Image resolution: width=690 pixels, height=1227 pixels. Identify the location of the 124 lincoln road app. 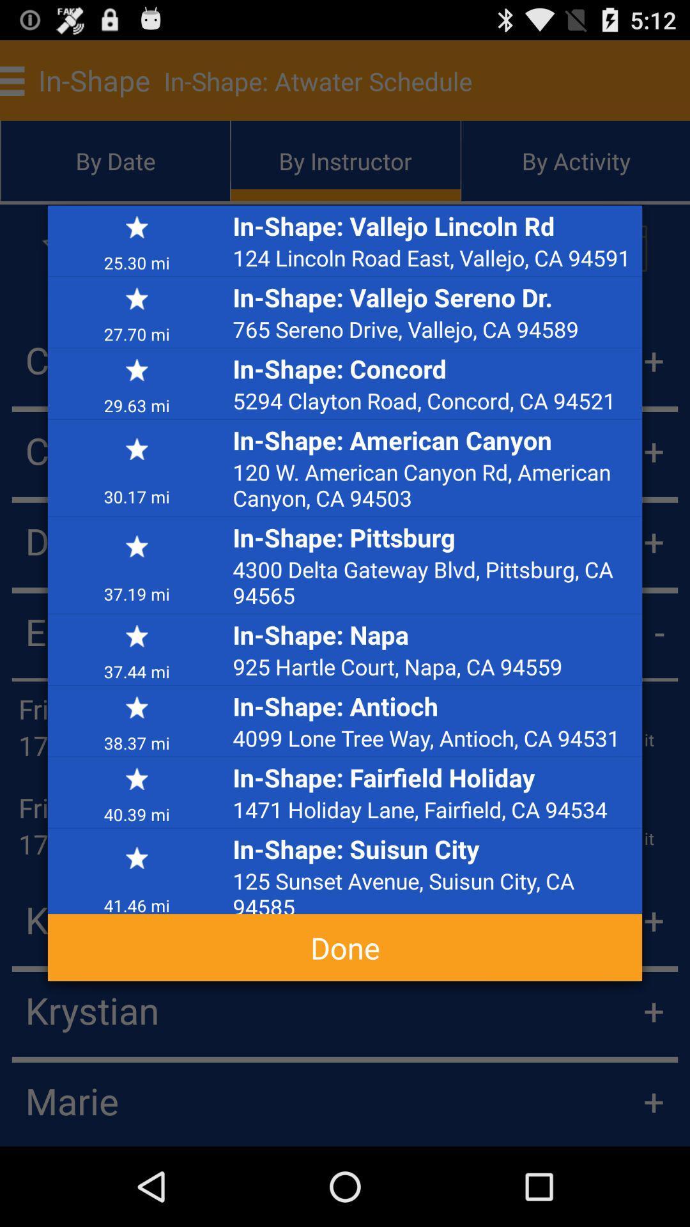
(433, 257).